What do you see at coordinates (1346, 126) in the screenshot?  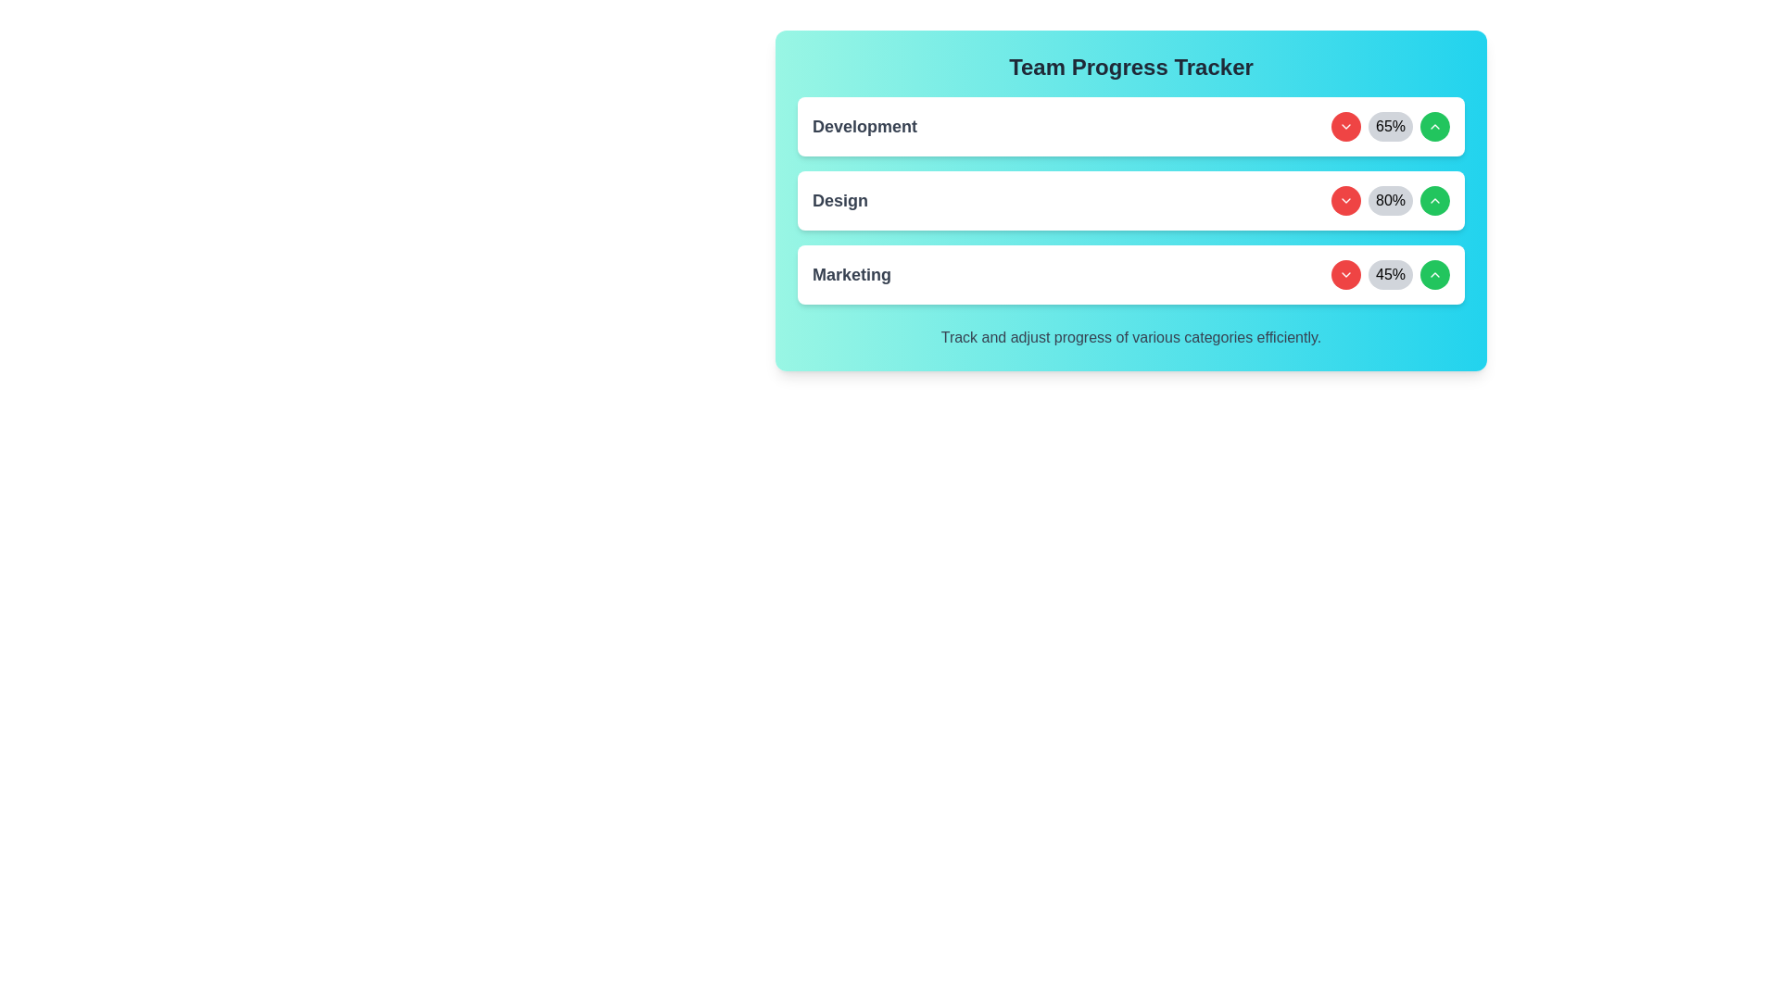 I see `the 'Development' progress tracker icon located to the right of the '65%' percentage display` at bounding box center [1346, 126].